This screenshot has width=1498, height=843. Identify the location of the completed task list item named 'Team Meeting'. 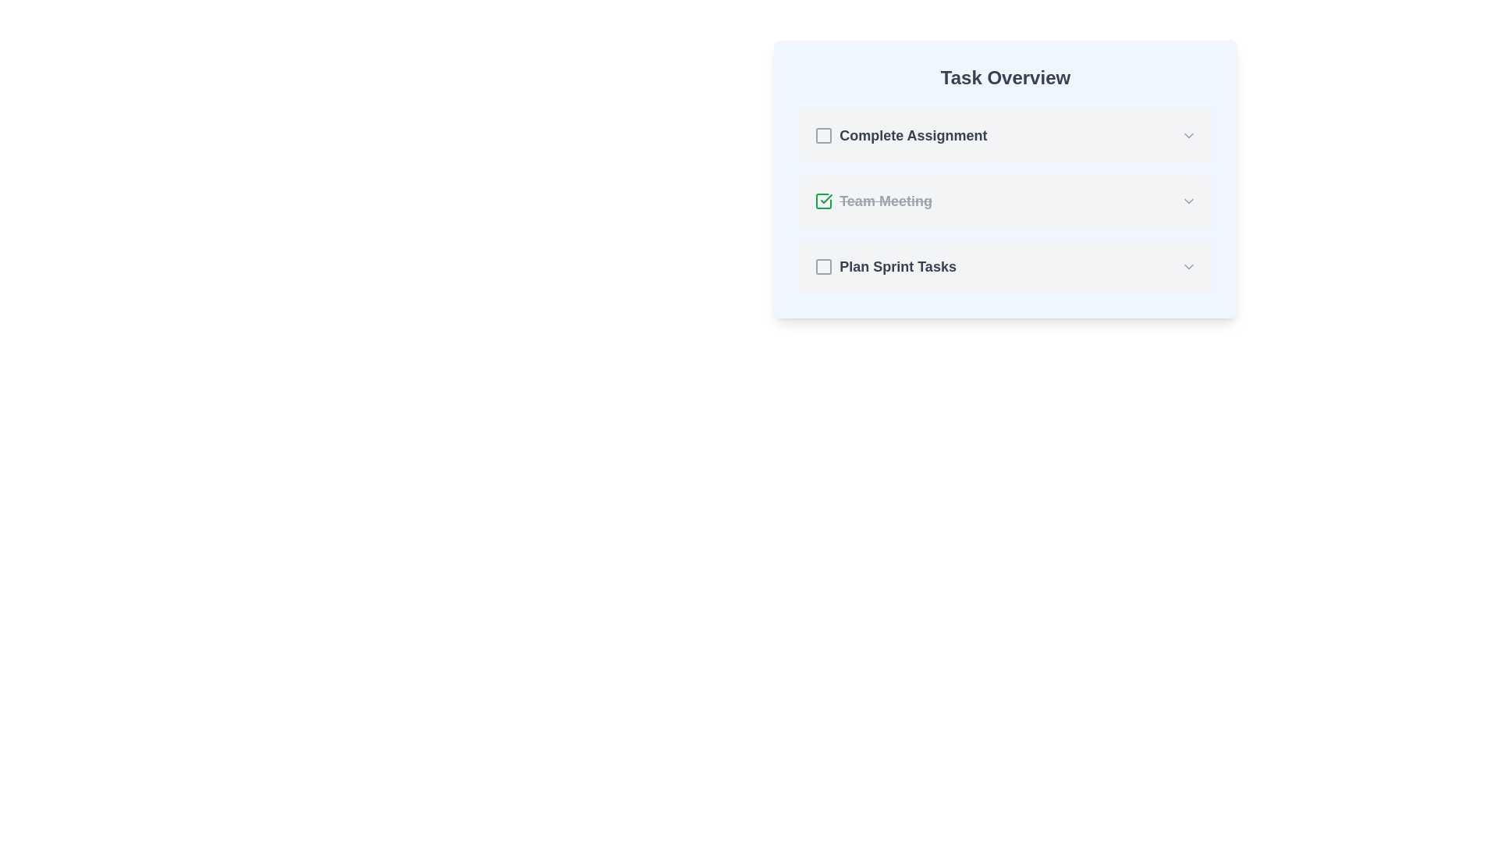
(1006, 201).